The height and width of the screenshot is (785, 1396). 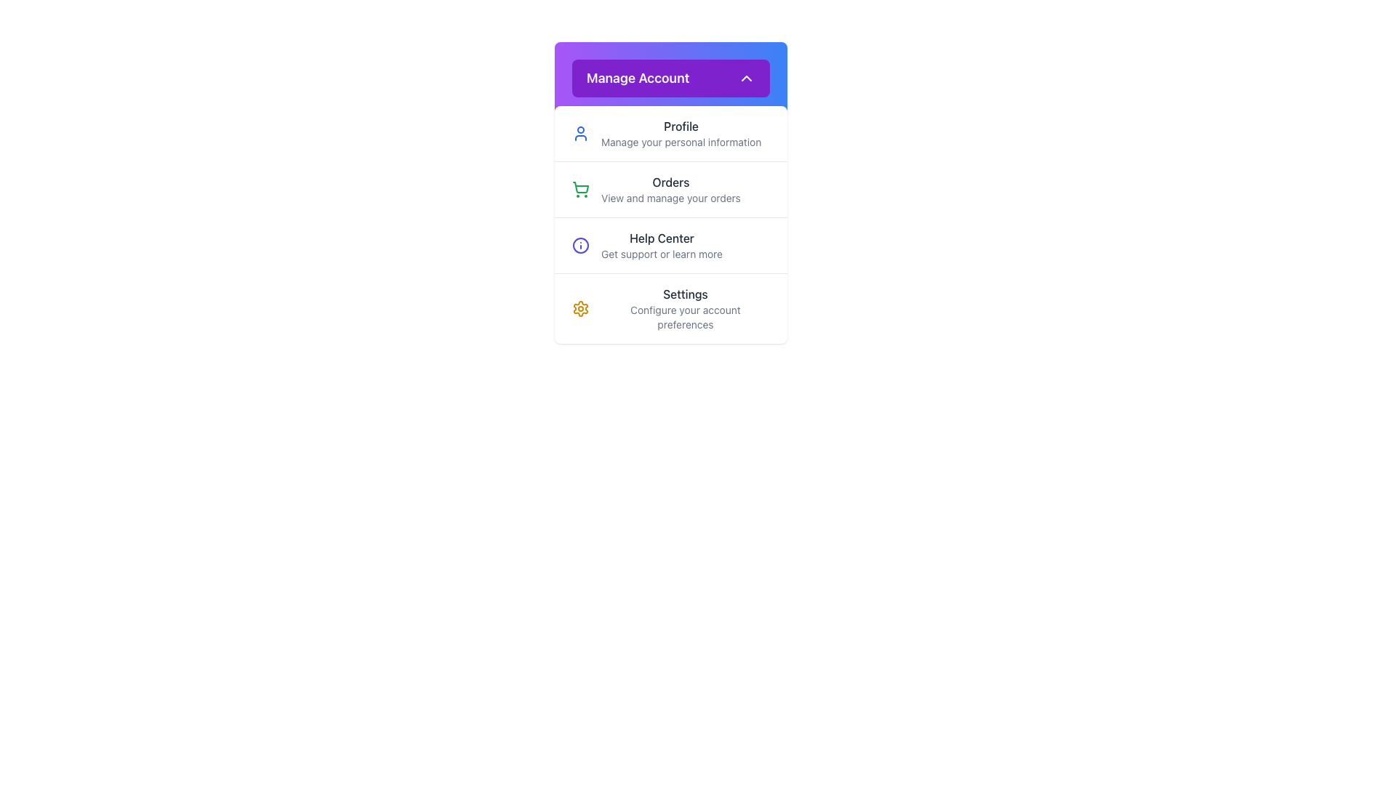 I want to click on the fourth list item labeled 'Settings' which includes a yellow gear icon and a description text to trigger a hover effect, so click(x=670, y=307).